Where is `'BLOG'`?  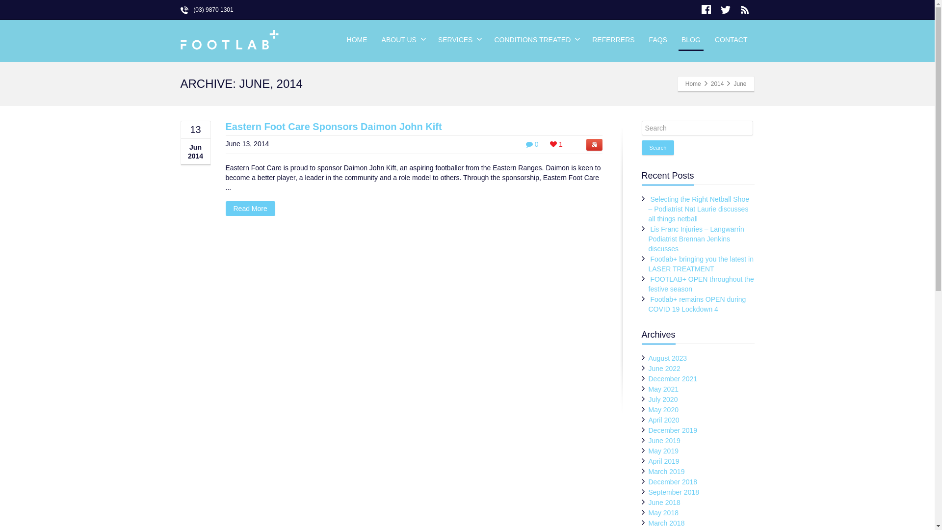
'BLOG' is located at coordinates (690, 39).